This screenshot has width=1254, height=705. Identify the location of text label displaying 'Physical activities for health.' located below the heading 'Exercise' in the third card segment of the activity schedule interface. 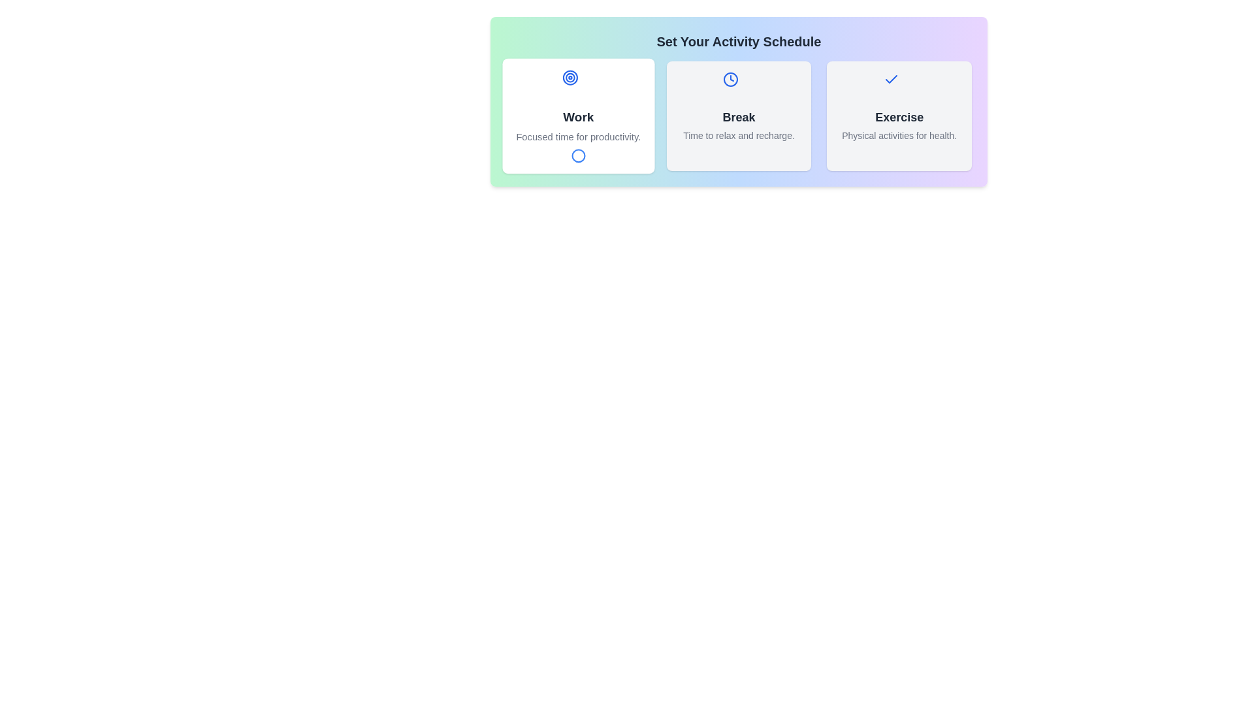
(899, 136).